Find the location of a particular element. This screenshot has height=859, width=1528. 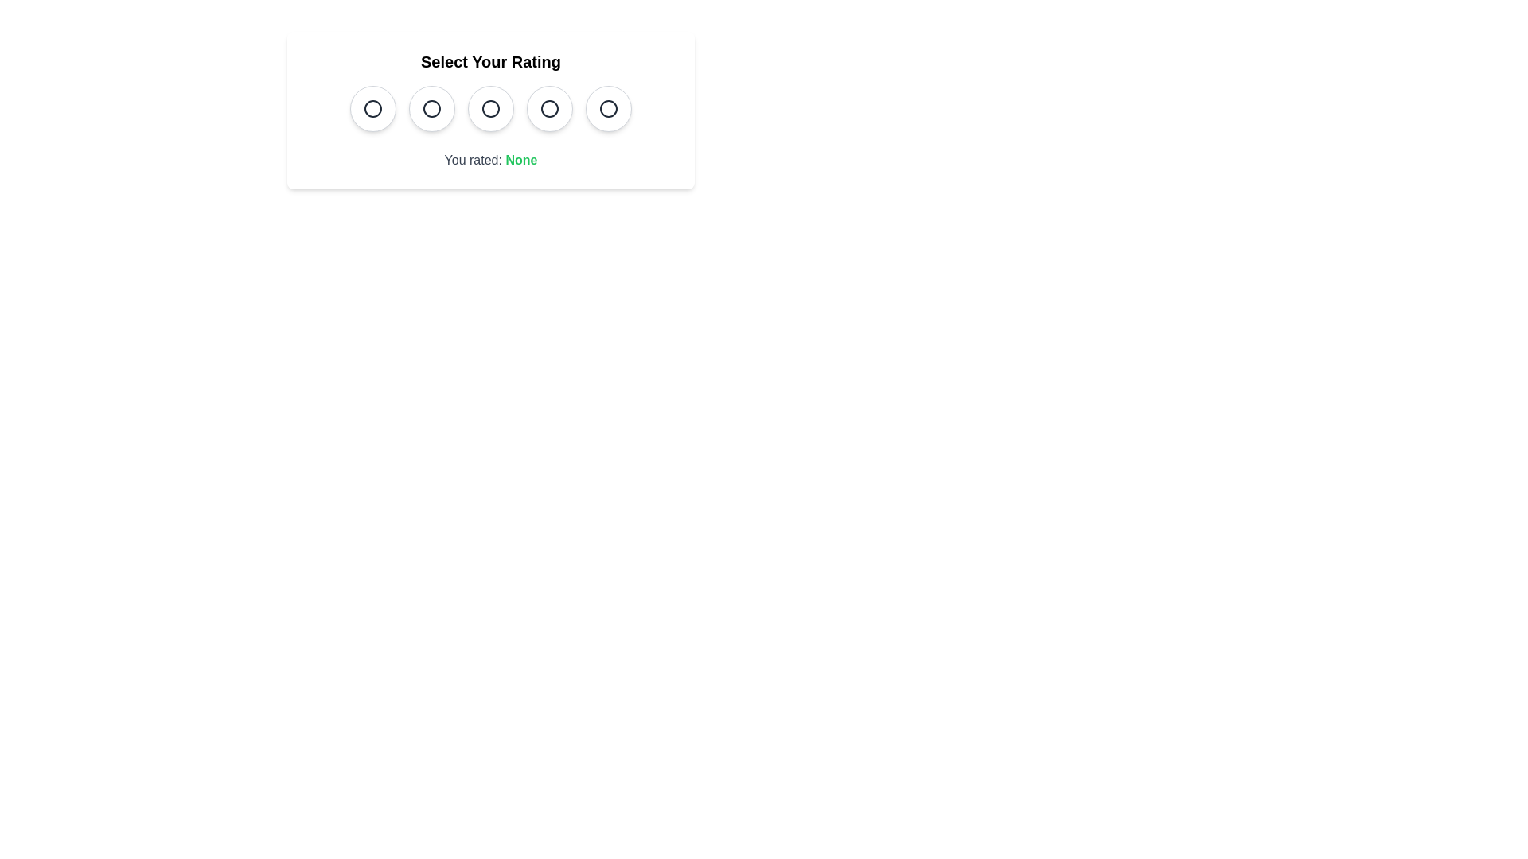

button corresponding to the rating 3 is located at coordinates (490, 108).